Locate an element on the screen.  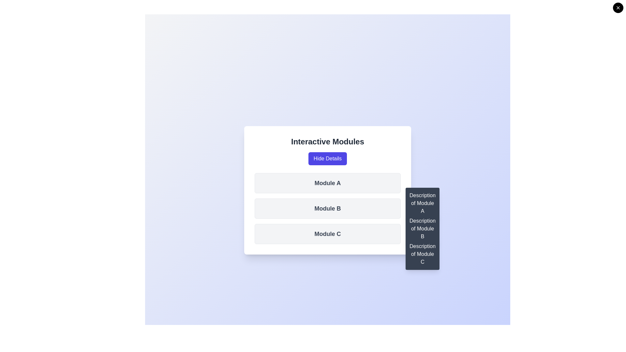
the 'Hide Details' button with an indigo background and white text to observe its hover state effects is located at coordinates (327, 158).